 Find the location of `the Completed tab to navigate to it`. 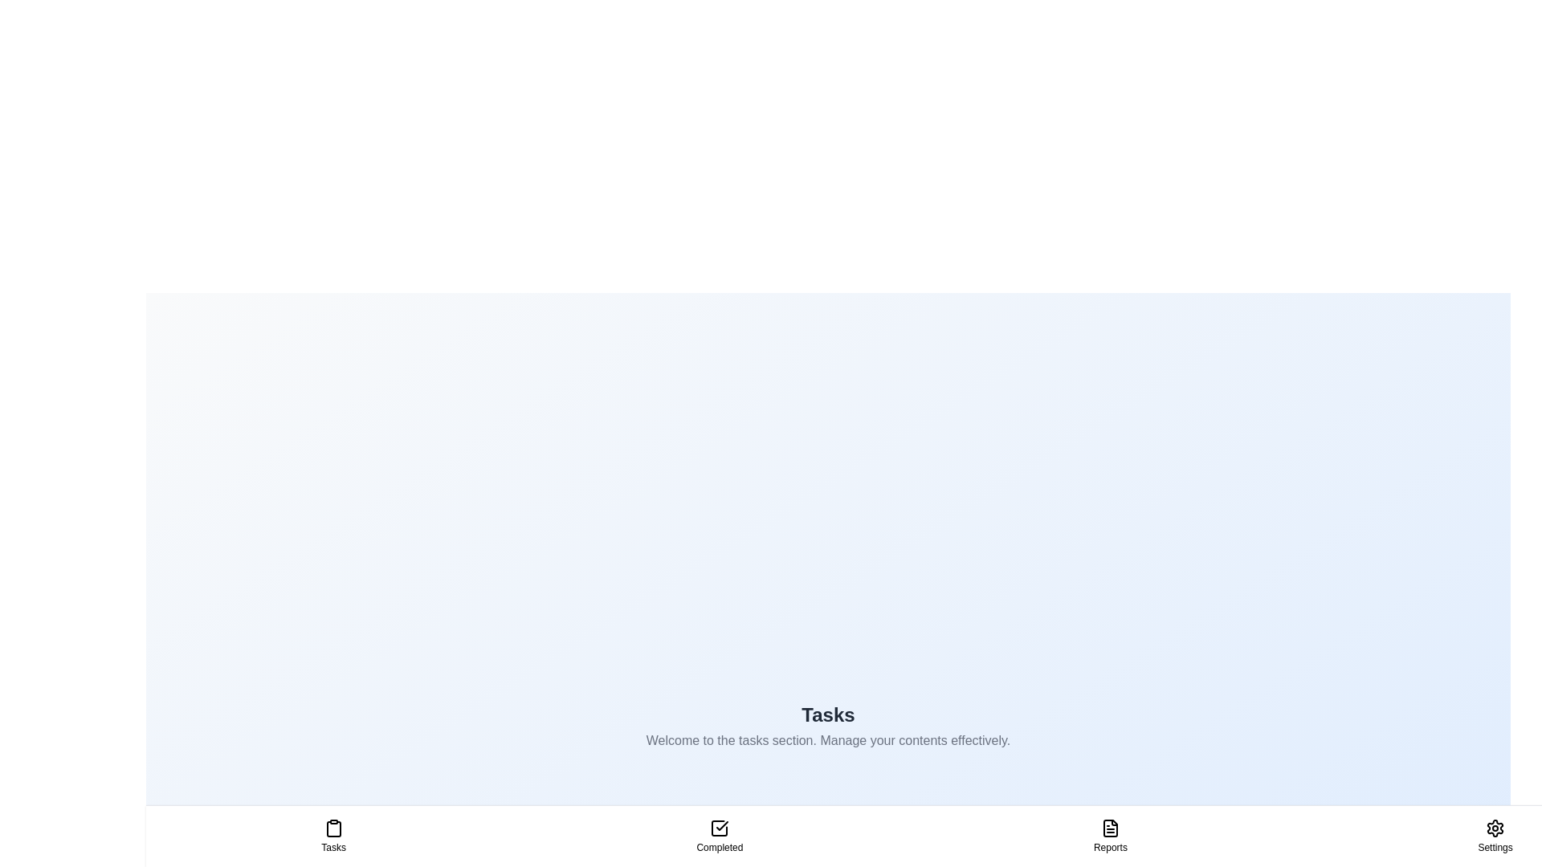

the Completed tab to navigate to it is located at coordinates (719, 835).